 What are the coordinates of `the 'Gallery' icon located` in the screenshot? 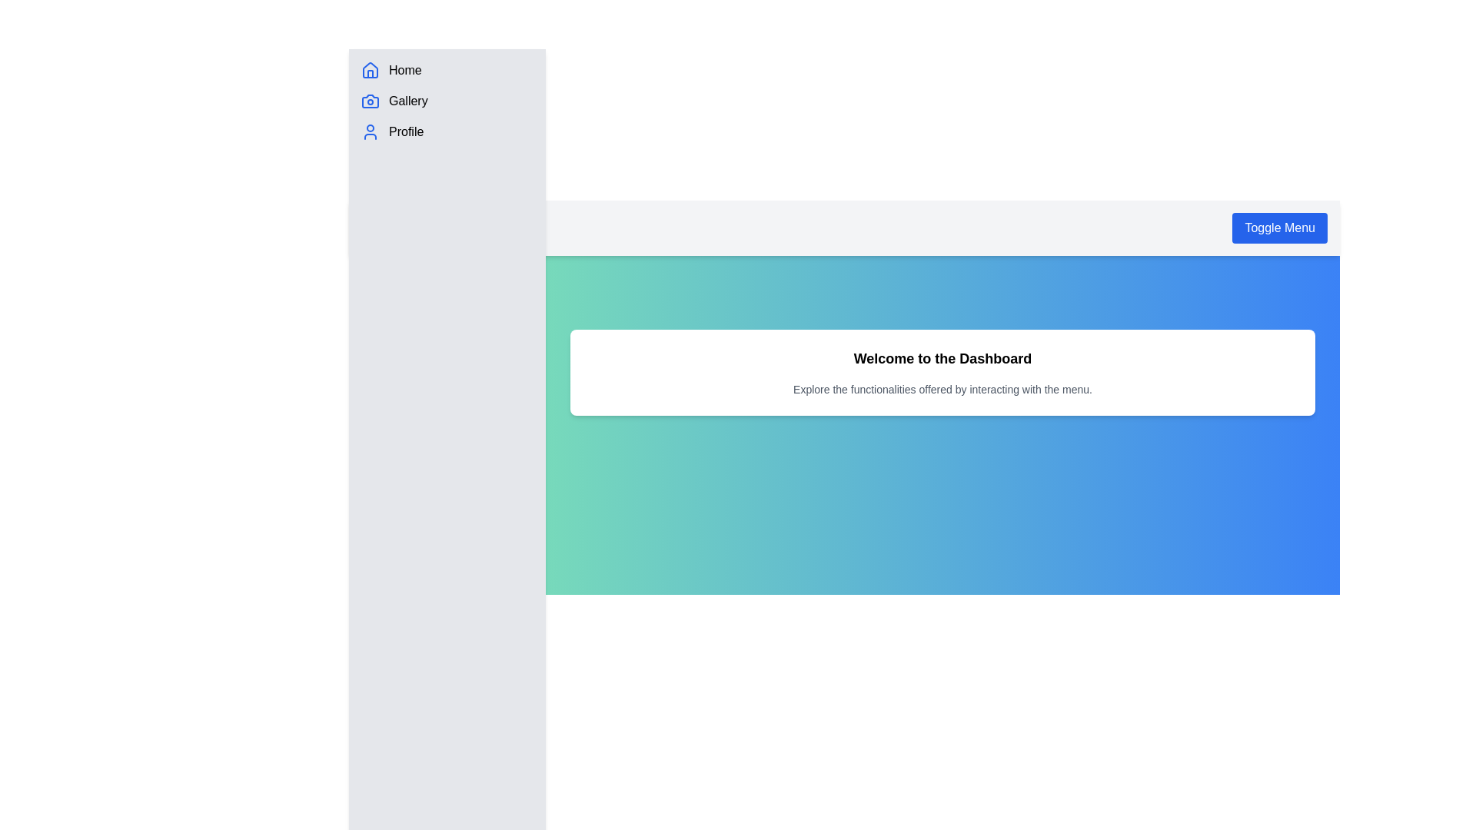 It's located at (370, 101).